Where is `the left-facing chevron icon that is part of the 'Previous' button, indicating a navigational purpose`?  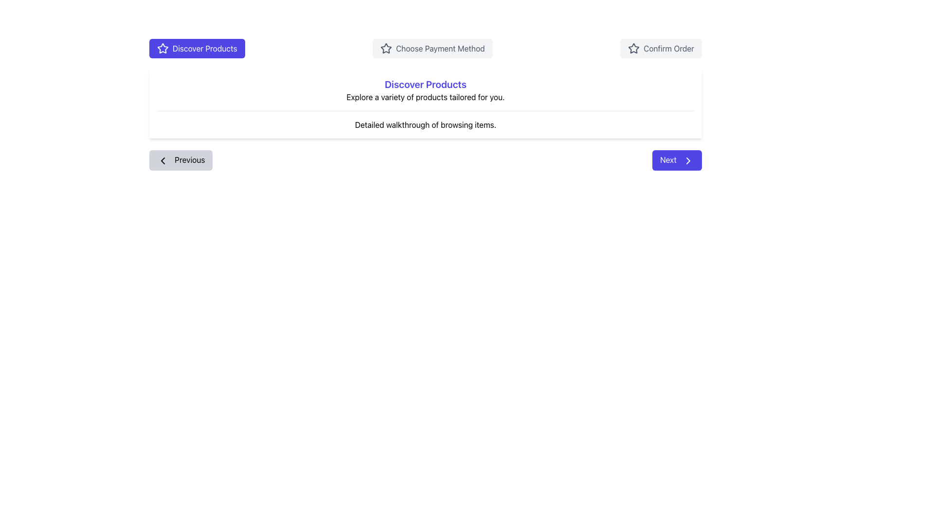
the left-facing chevron icon that is part of the 'Previous' button, indicating a navigational purpose is located at coordinates (163, 160).